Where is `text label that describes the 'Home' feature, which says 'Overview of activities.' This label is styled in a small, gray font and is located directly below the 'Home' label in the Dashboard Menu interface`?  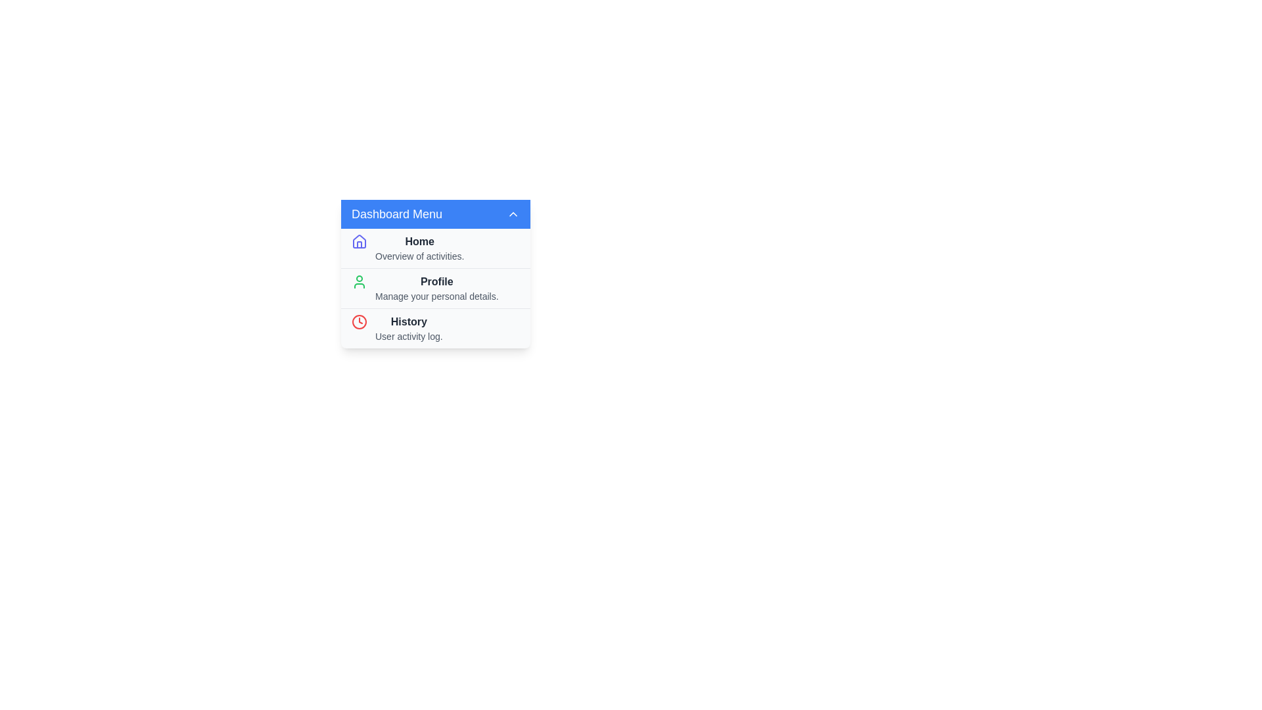 text label that describes the 'Home' feature, which says 'Overview of activities.' This label is styled in a small, gray font and is located directly below the 'Home' label in the Dashboard Menu interface is located at coordinates (419, 256).